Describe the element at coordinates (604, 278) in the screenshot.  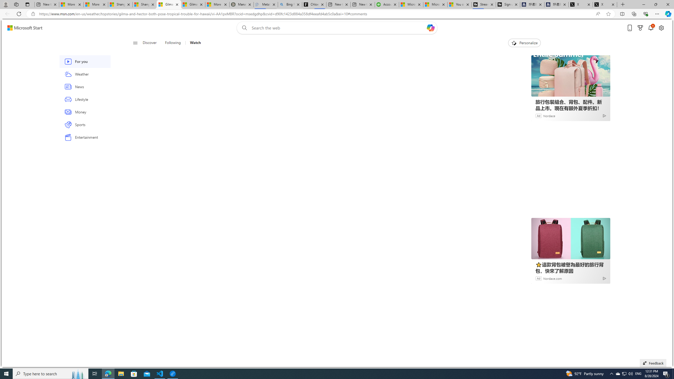
I see `'Ad Choice'` at that location.